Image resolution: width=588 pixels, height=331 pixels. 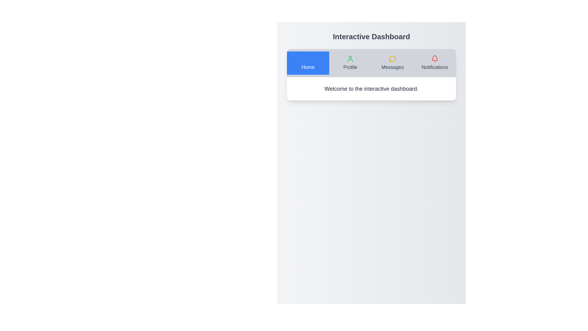 What do you see at coordinates (392, 63) in the screenshot?
I see `the 'Messages' tab, which features a yellow speech bubble icon and the text 'Messages' below it` at bounding box center [392, 63].